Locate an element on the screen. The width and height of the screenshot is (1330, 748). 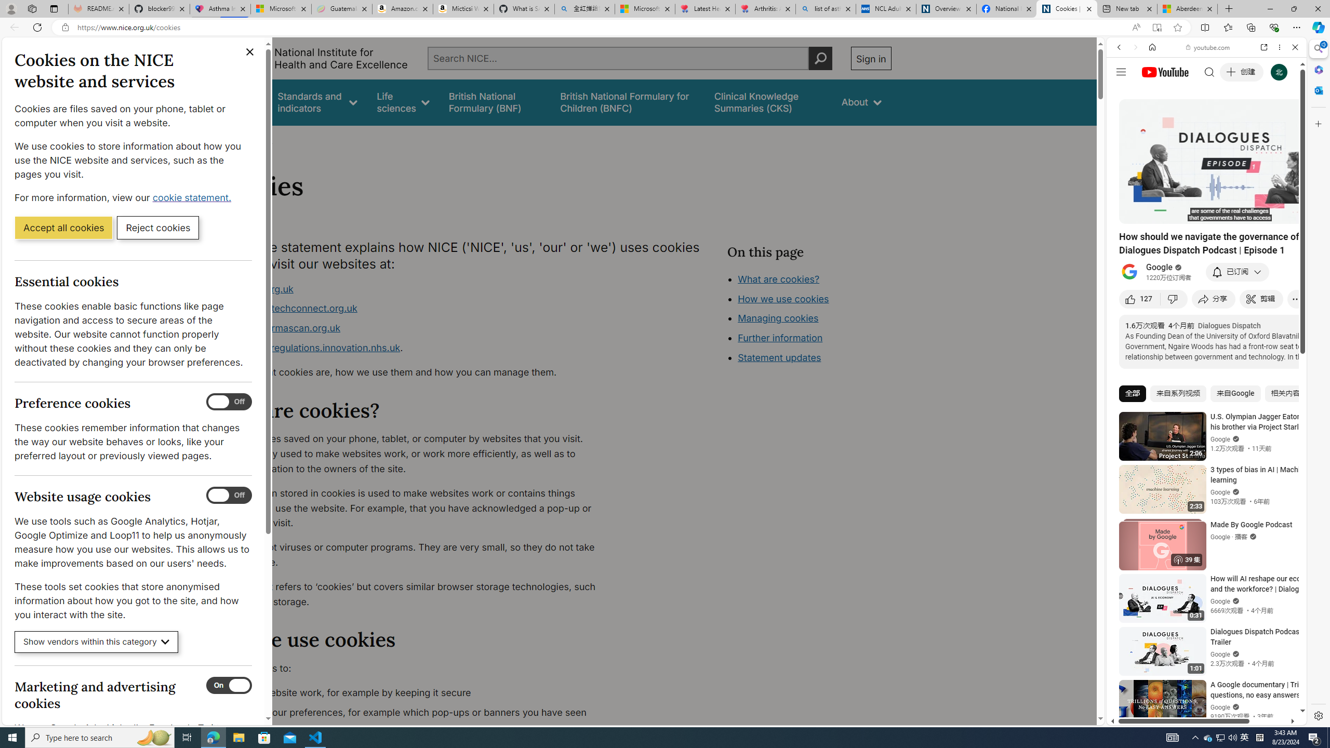
'Home>' is located at coordinates (224, 139).